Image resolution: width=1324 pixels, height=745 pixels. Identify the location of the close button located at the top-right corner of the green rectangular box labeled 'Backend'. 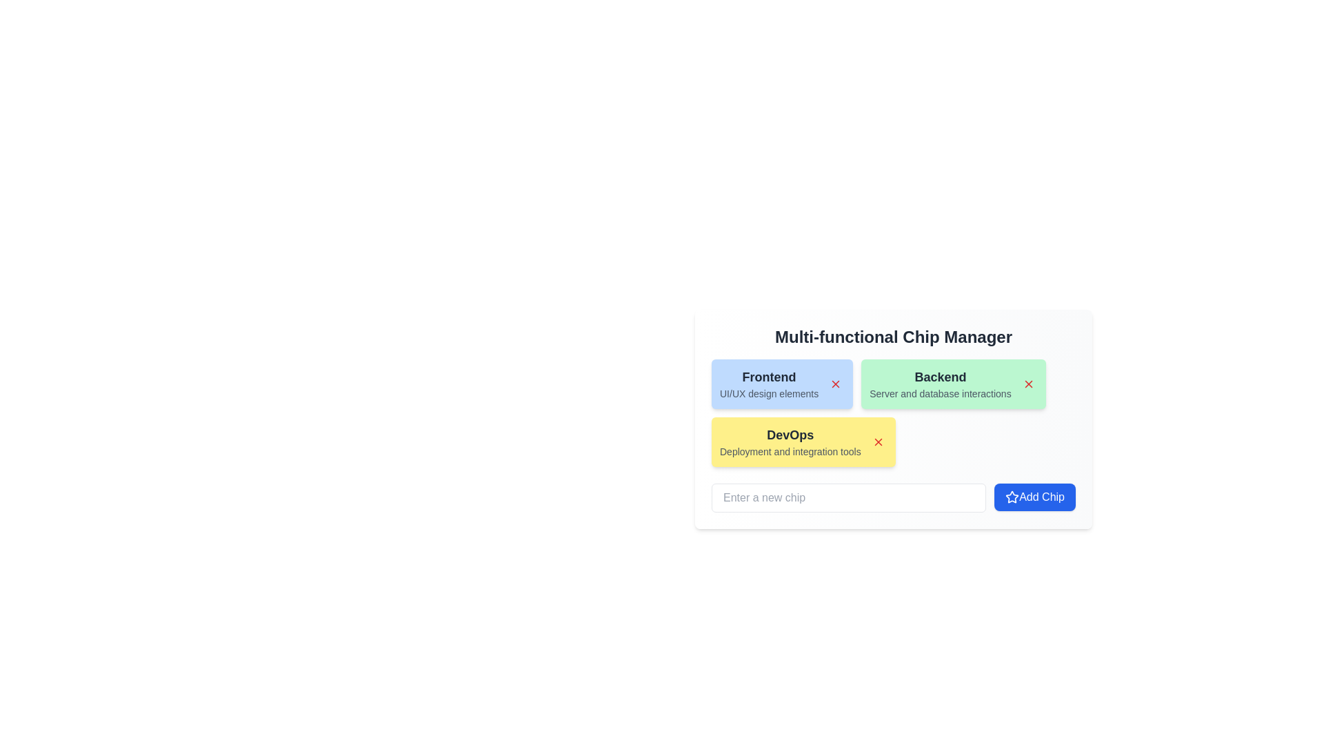
(1028, 384).